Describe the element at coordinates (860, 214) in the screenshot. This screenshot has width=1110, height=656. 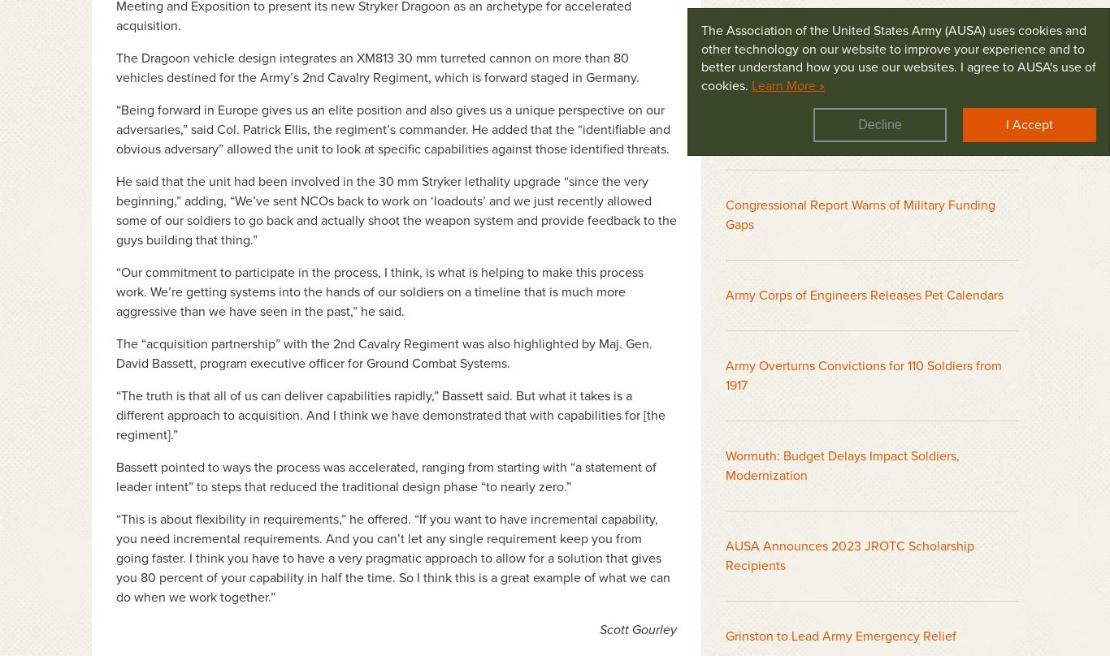
I see `'Congressional Report Warns of Military Funding Gaps'` at that location.